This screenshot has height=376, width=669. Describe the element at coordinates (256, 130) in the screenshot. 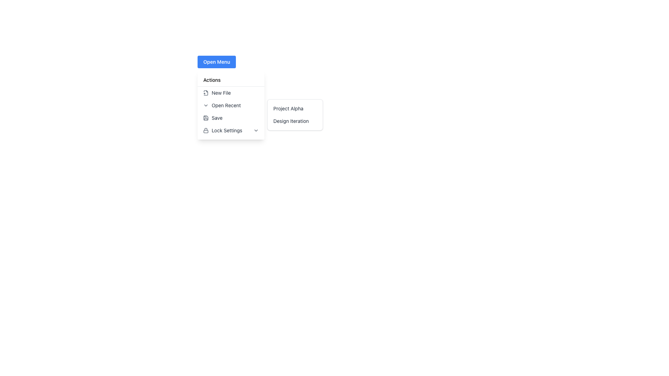

I see `the chevron icon located to the far right of the 'Lock Settings' text label in the 'Actions' section` at that location.